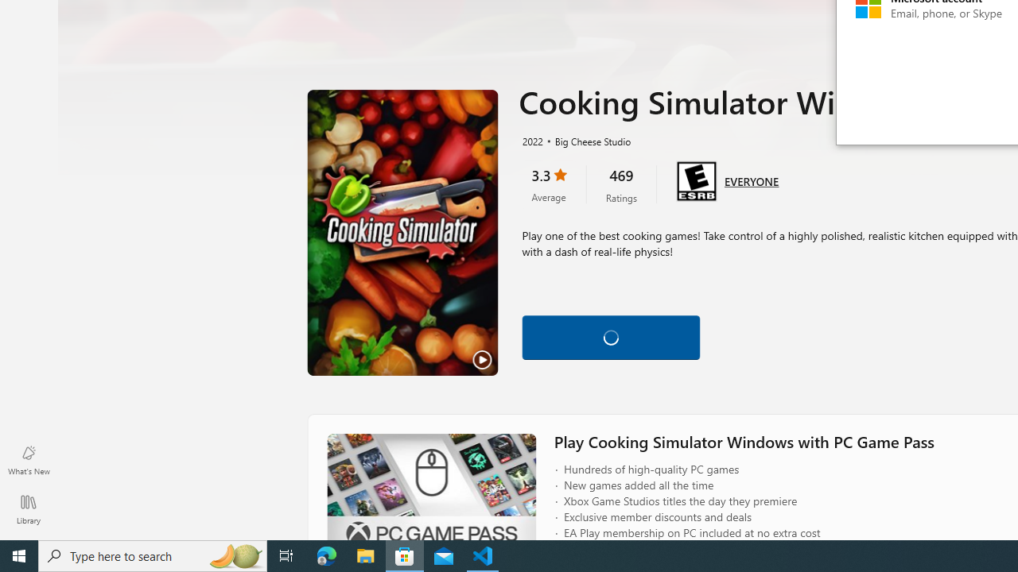 The image size is (1018, 572). I want to click on 'Play Trailer', so click(402, 233).